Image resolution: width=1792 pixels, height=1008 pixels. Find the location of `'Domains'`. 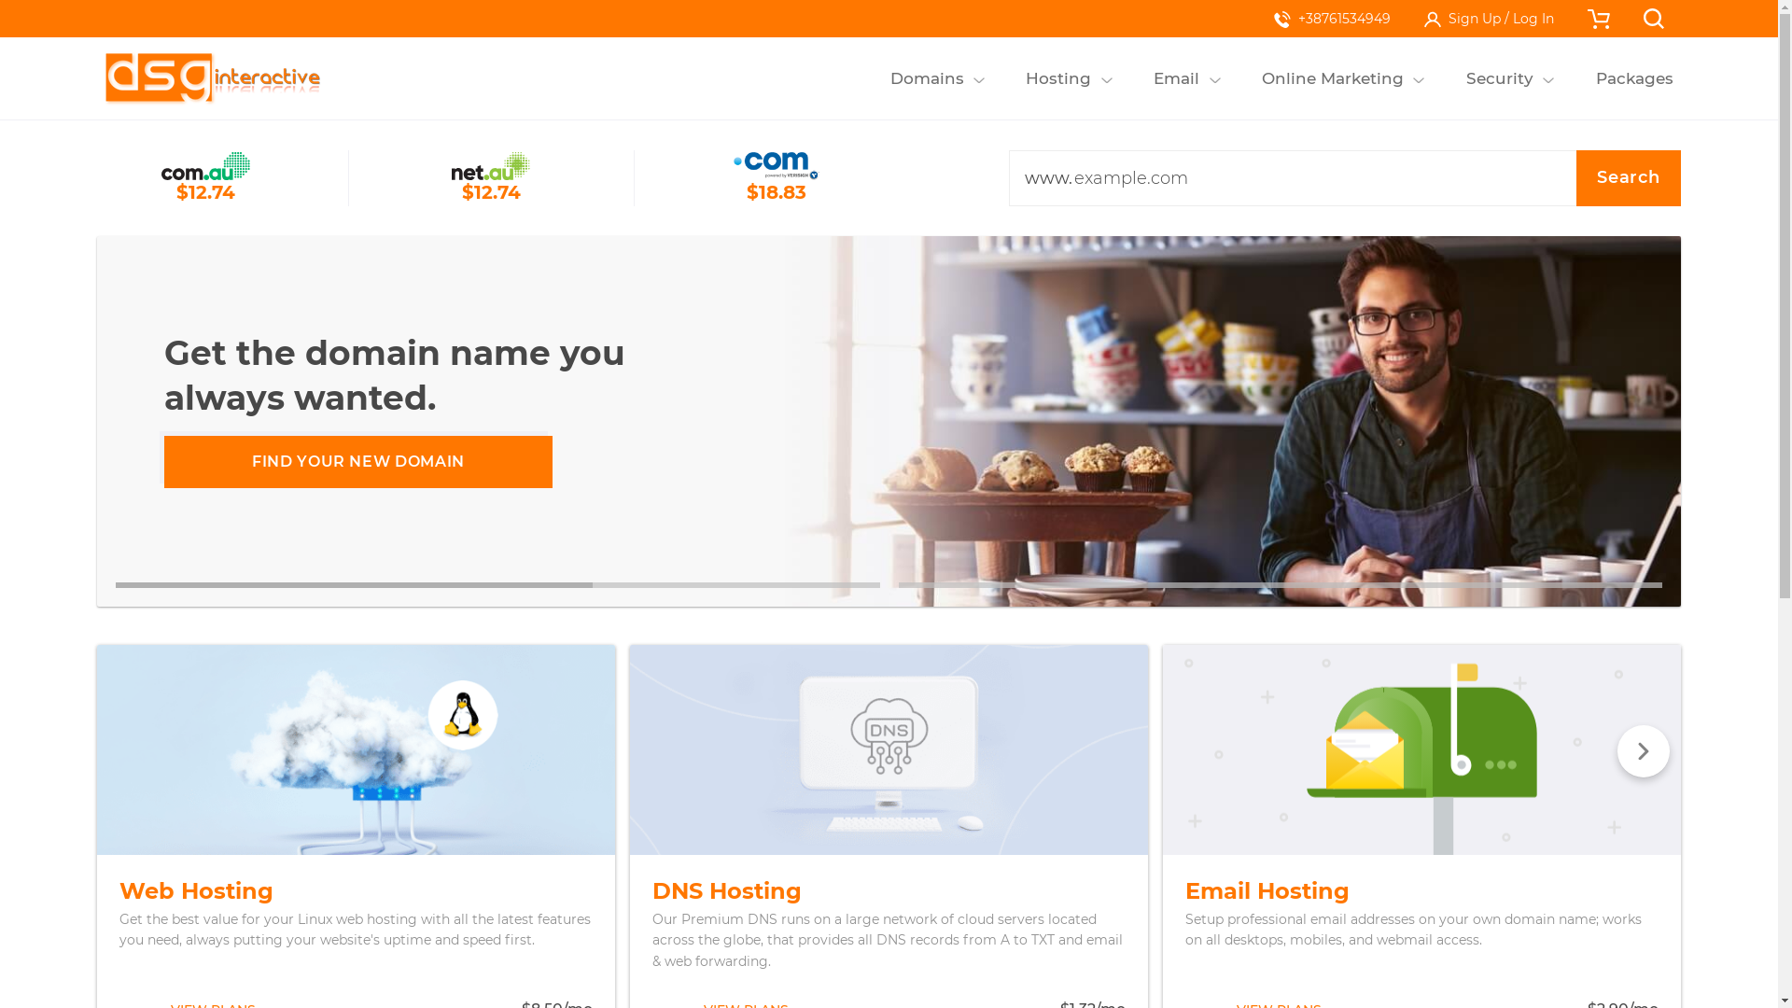

'Domains' is located at coordinates (927, 77).